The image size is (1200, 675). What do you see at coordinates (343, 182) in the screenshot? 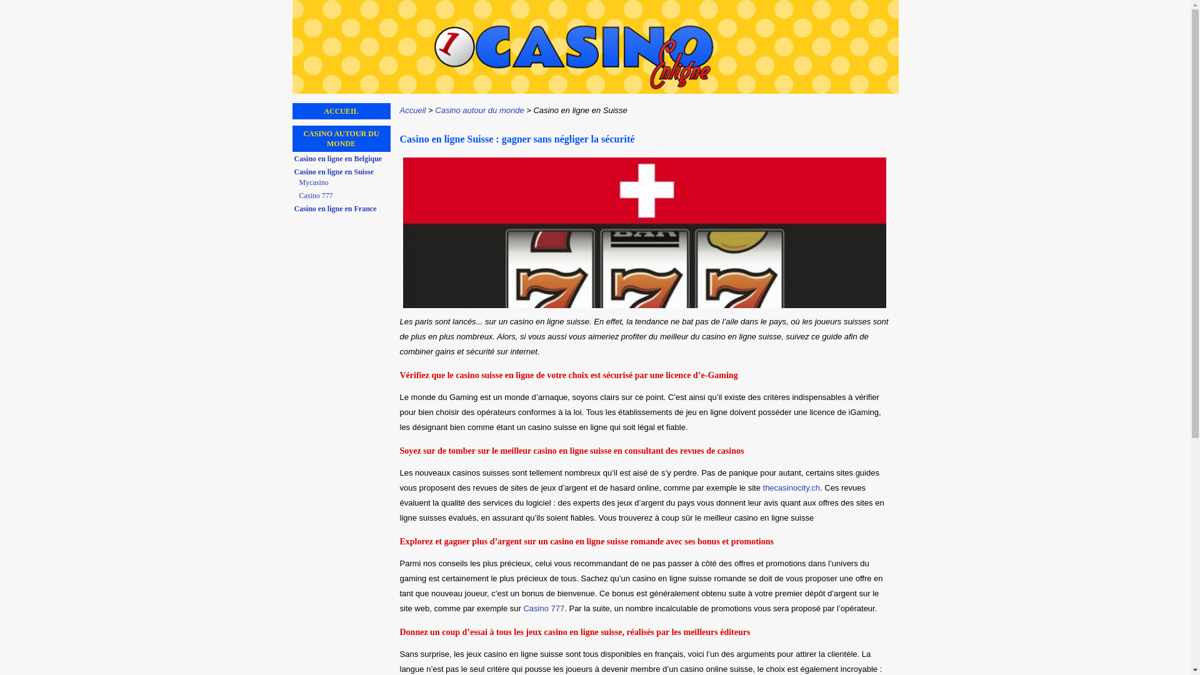
I see `'Mycasino'` at bounding box center [343, 182].